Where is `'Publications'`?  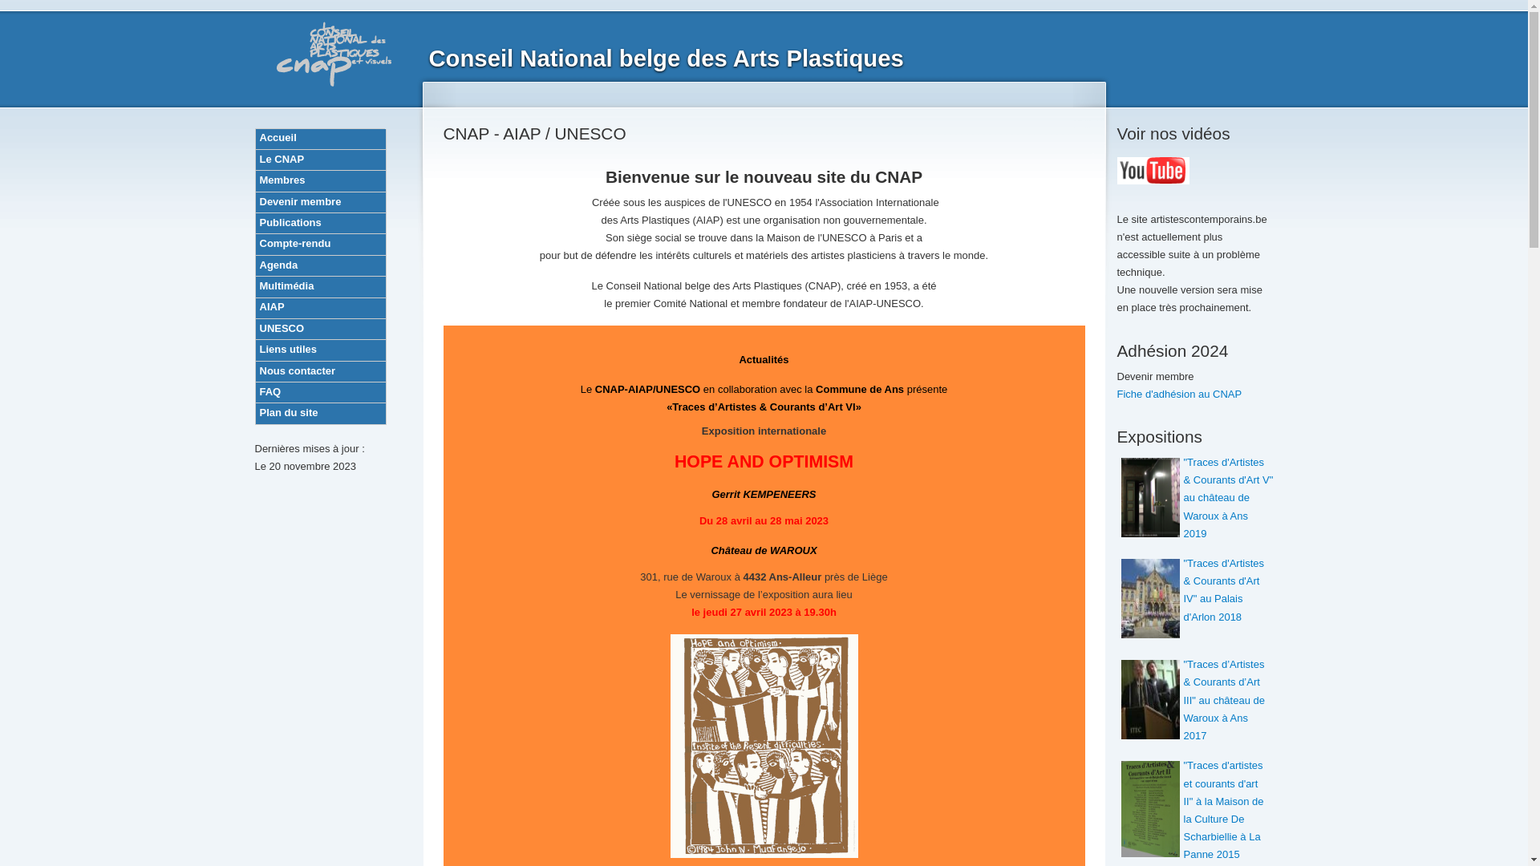 'Publications' is located at coordinates (320, 222).